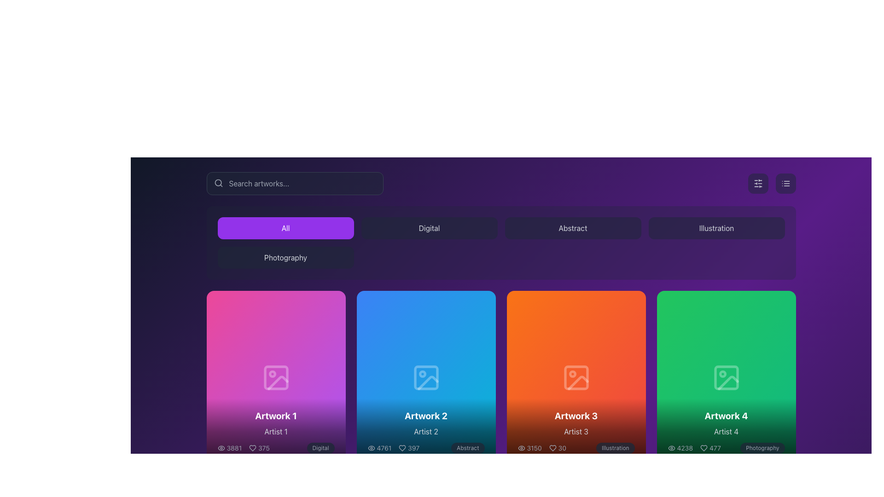 This screenshot has height=497, width=884. Describe the element at coordinates (726, 377) in the screenshot. I see `the SVG rectangle with rounded corners located within the fourth artwork card, which has a green background` at that location.